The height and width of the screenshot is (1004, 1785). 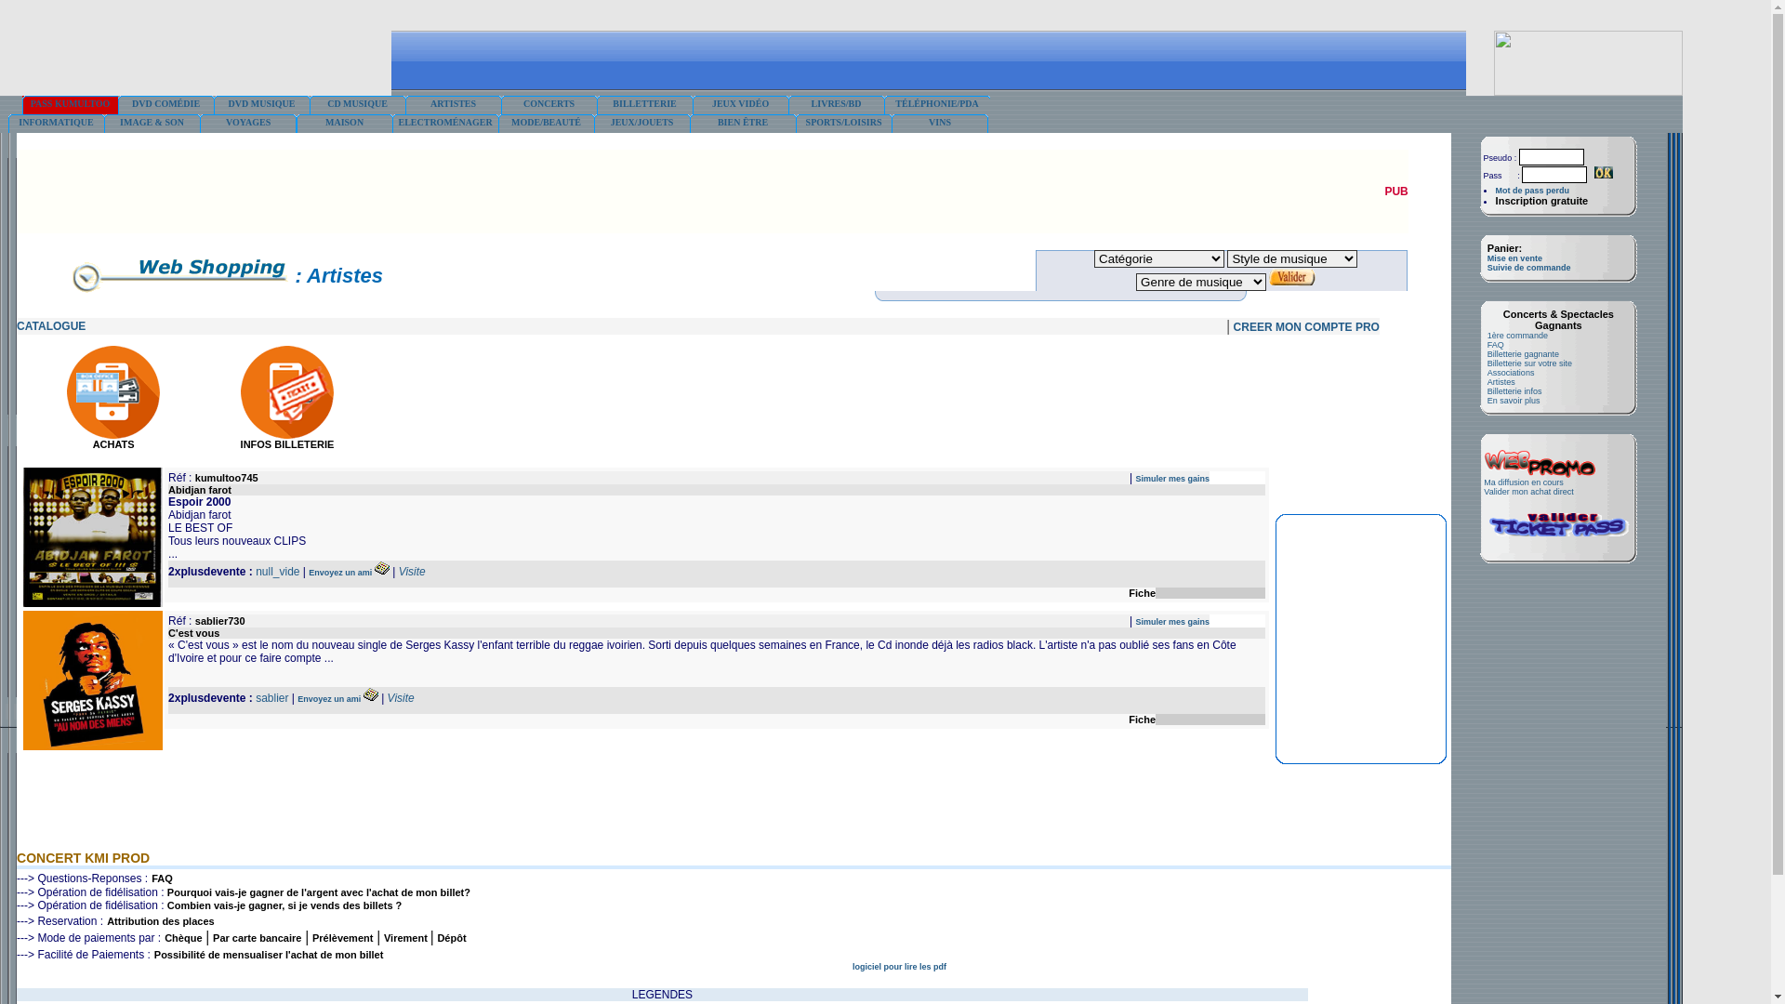 I want to click on 'VOYAGES', so click(x=247, y=123).